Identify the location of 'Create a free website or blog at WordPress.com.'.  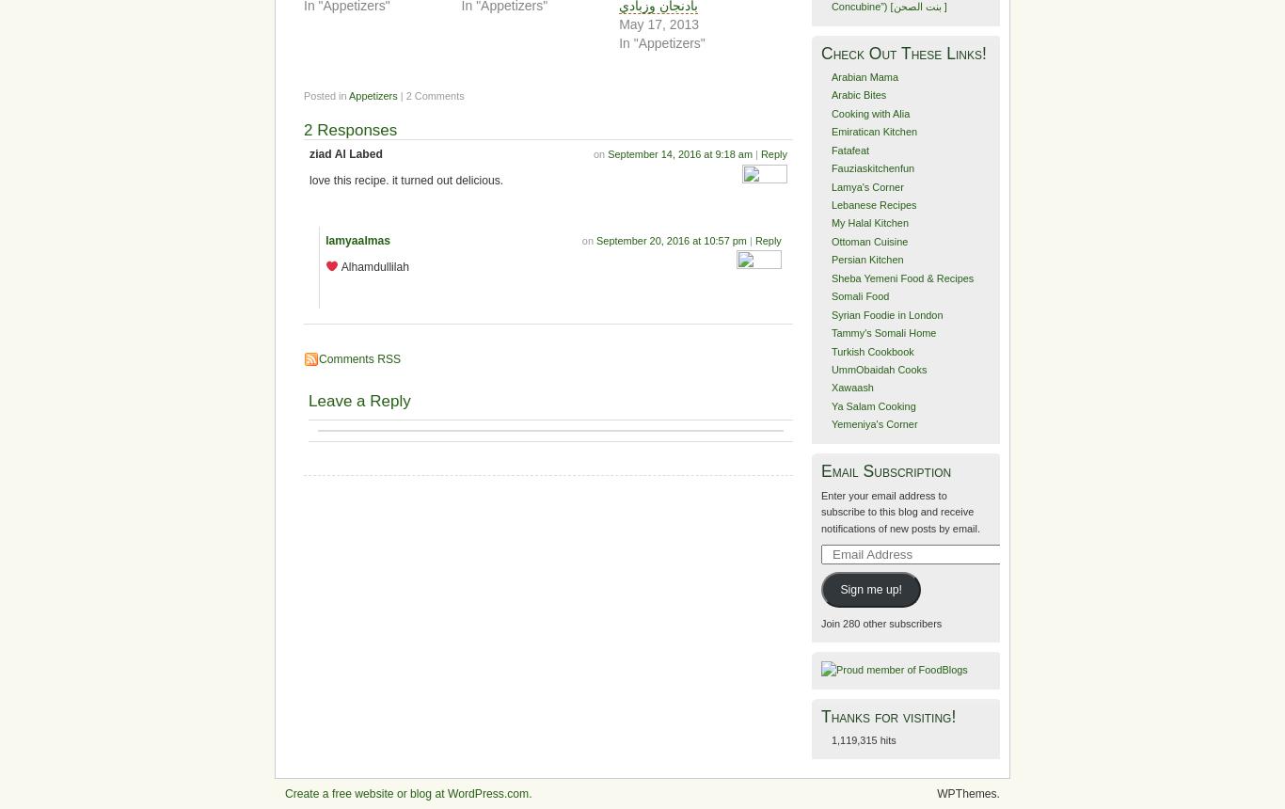
(406, 791).